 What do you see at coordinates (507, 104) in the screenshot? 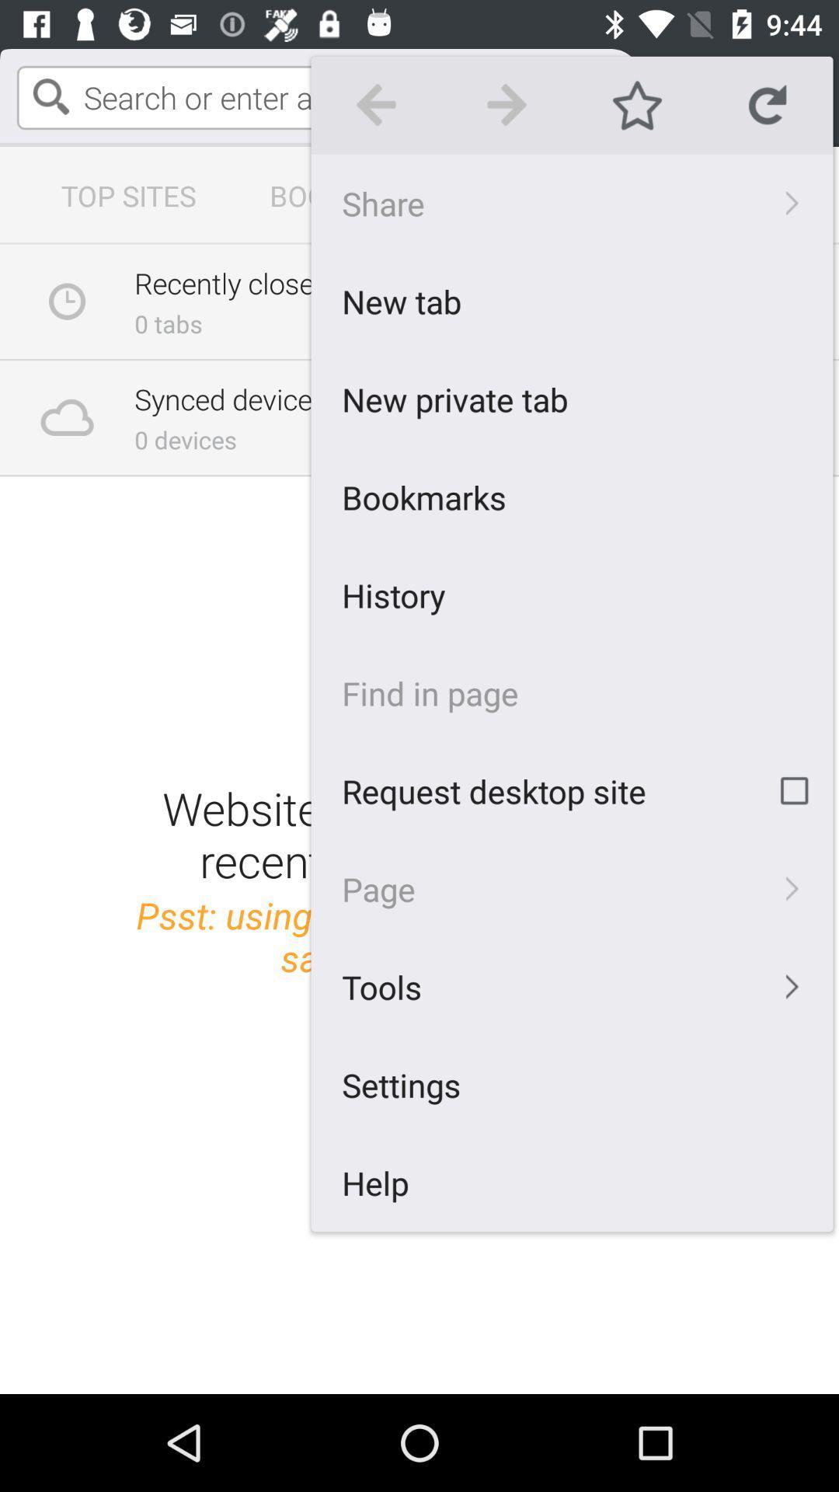
I see `icon above share item` at bounding box center [507, 104].